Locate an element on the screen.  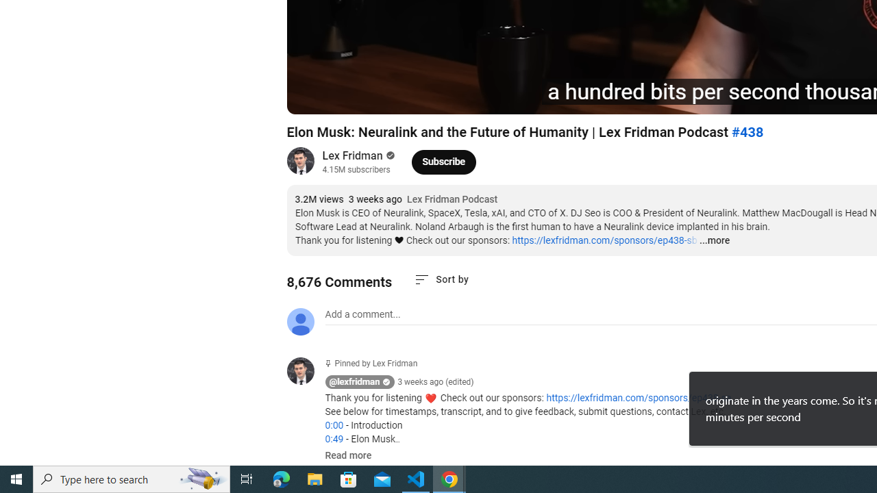
'@lexfridman' is located at coordinates (354, 382).